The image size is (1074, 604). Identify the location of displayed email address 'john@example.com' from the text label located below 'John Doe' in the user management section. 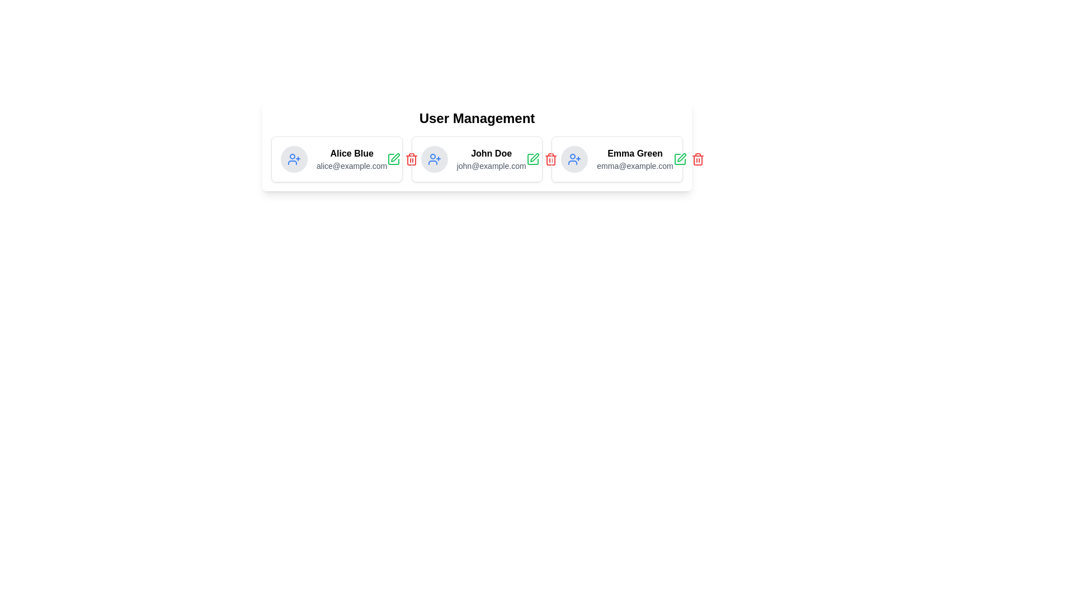
(491, 166).